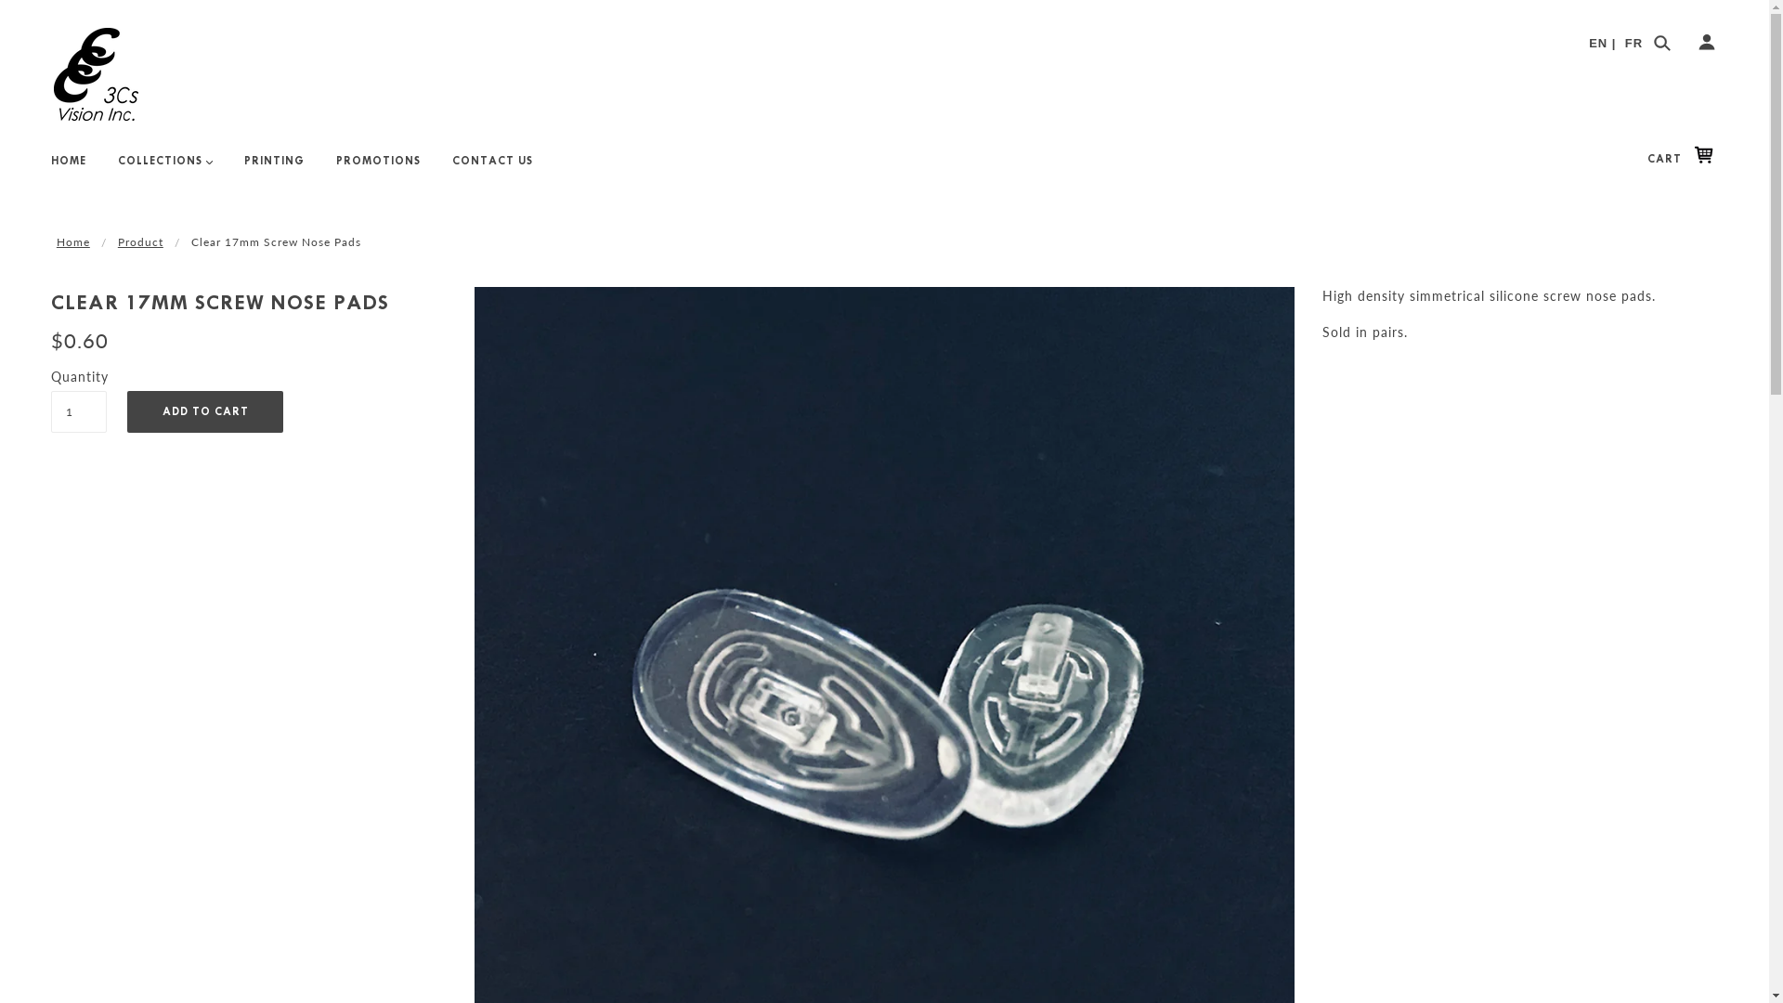 This screenshot has height=1003, width=1783. Describe the element at coordinates (95, 73) in the screenshot. I see `'3Csvision'` at that location.